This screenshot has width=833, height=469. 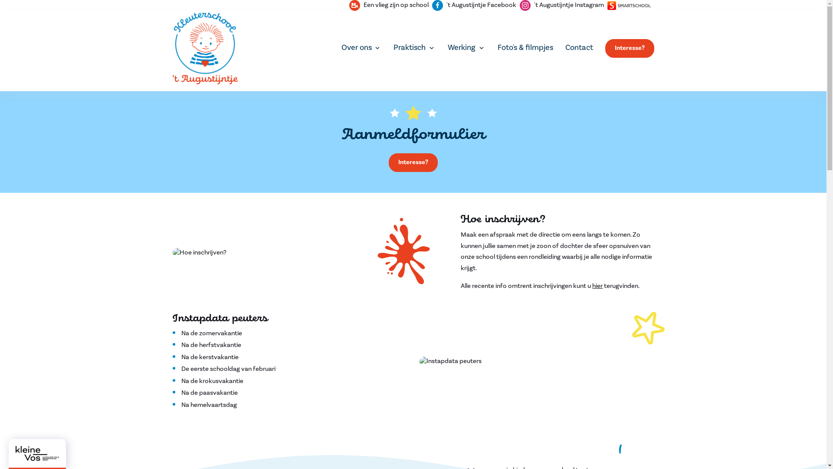 I want to click on 'hier', so click(x=597, y=286).